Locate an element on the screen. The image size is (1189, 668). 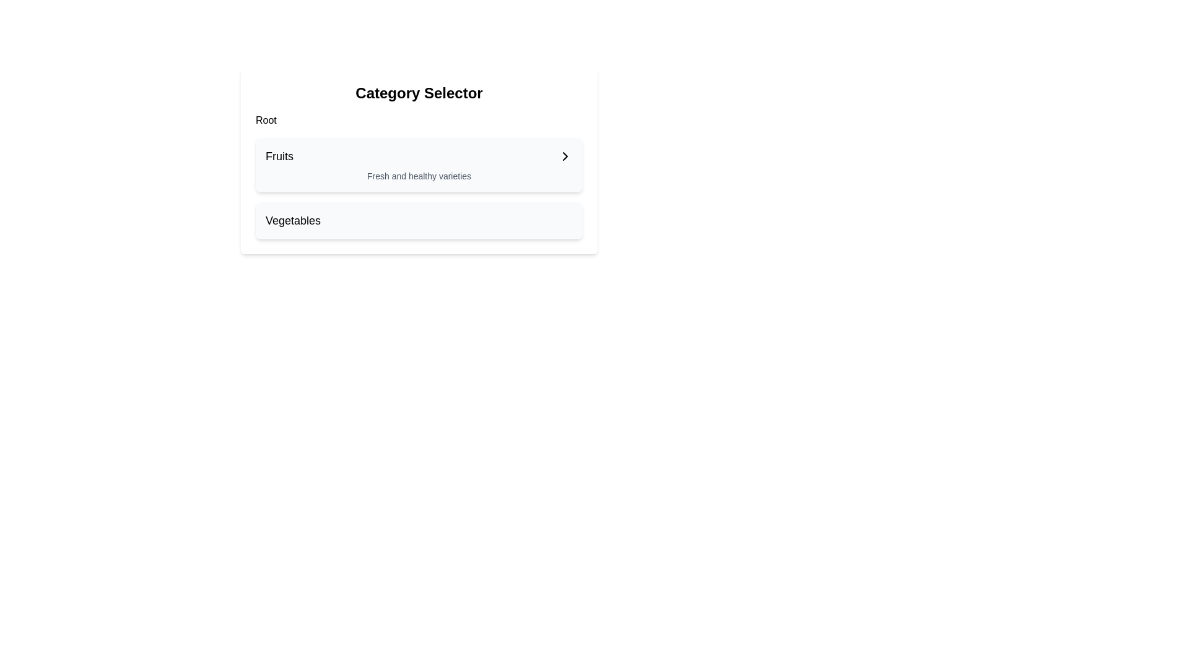
the bold text label reading 'Category Selector', which is styled in extra large font and positioned at the top of the category options box is located at coordinates (419, 92).